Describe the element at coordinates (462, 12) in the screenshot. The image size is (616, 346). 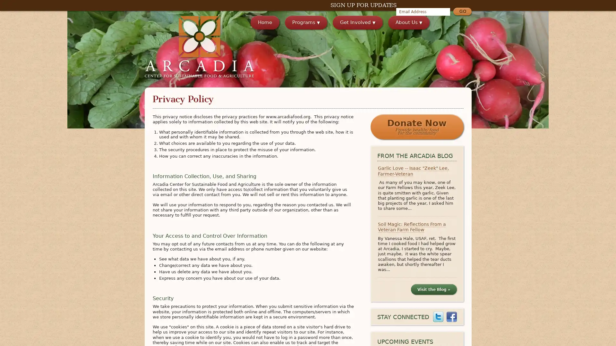
I see `Submit` at that location.